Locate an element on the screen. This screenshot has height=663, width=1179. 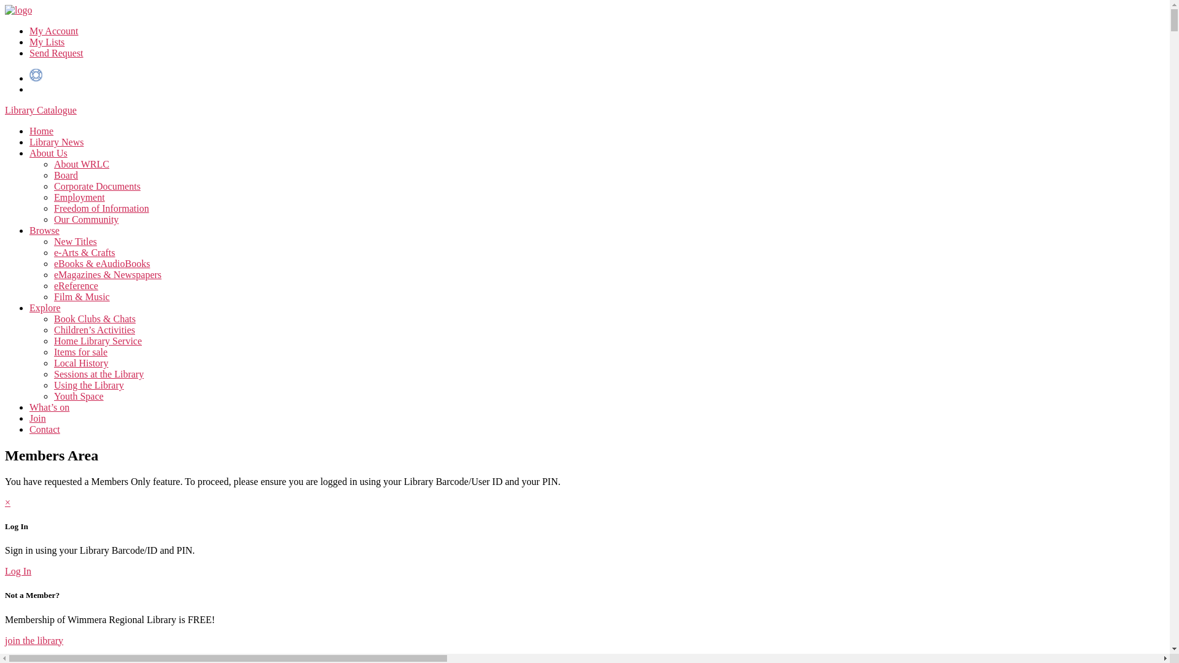
'eReference' is located at coordinates (76, 285).